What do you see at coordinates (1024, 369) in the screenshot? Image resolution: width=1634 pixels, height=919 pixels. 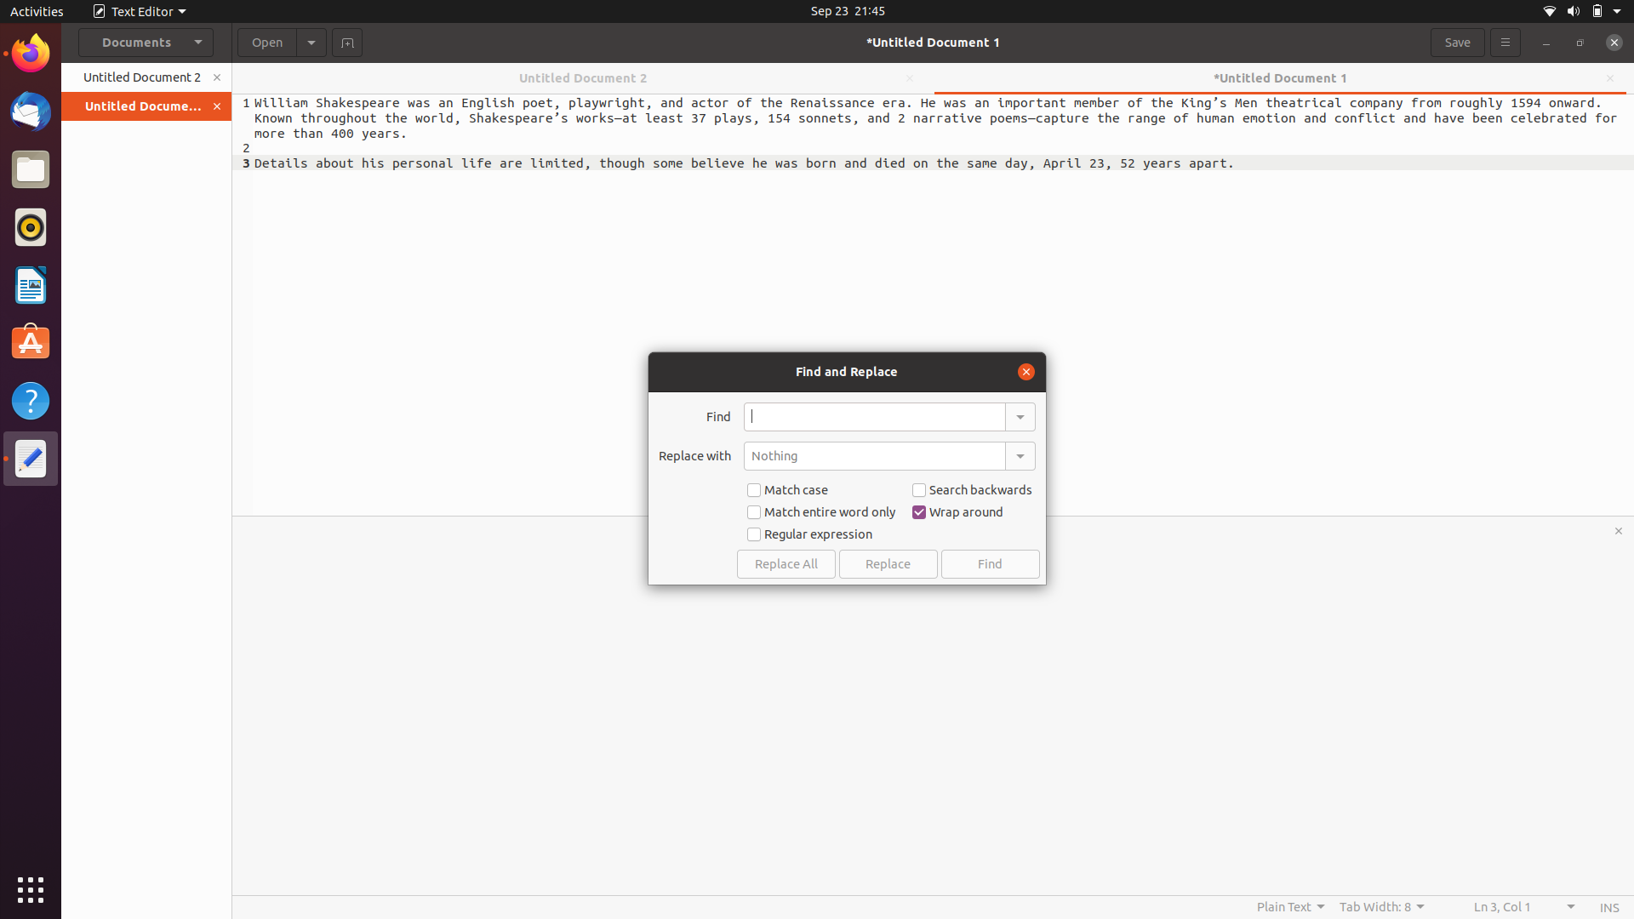 I see `Close the find replace bar and Minimize the document` at bounding box center [1024, 369].